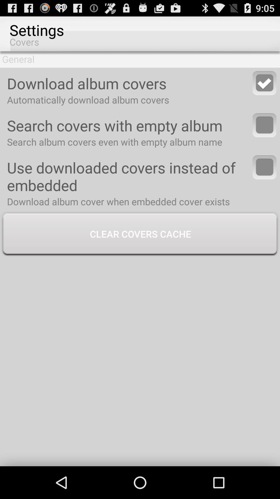 Image resolution: width=280 pixels, height=499 pixels. I want to click on the clear covers cache button, so click(140, 234).